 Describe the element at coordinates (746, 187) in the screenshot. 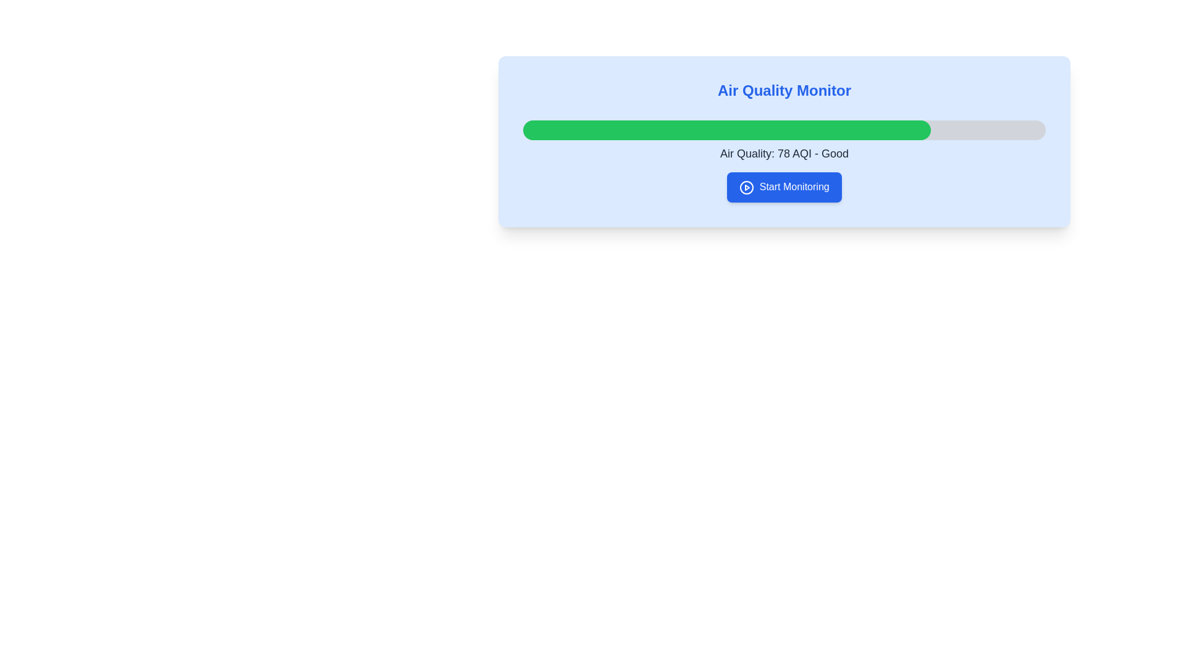

I see `the circle icon within the blue 'Start Monitoring' button located at the bottom-right of the card to initiate the action` at that location.